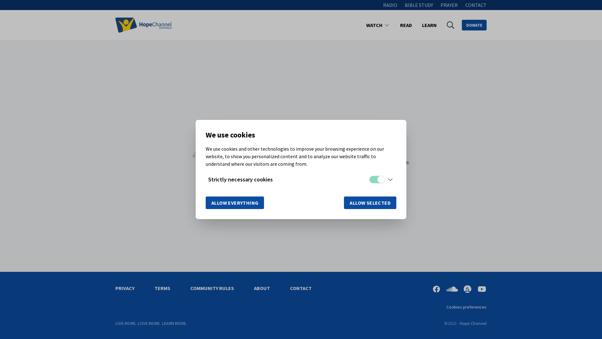 The image size is (602, 339). What do you see at coordinates (234, 202) in the screenshot?
I see `'ALLOW EVERYTHING'` at bounding box center [234, 202].